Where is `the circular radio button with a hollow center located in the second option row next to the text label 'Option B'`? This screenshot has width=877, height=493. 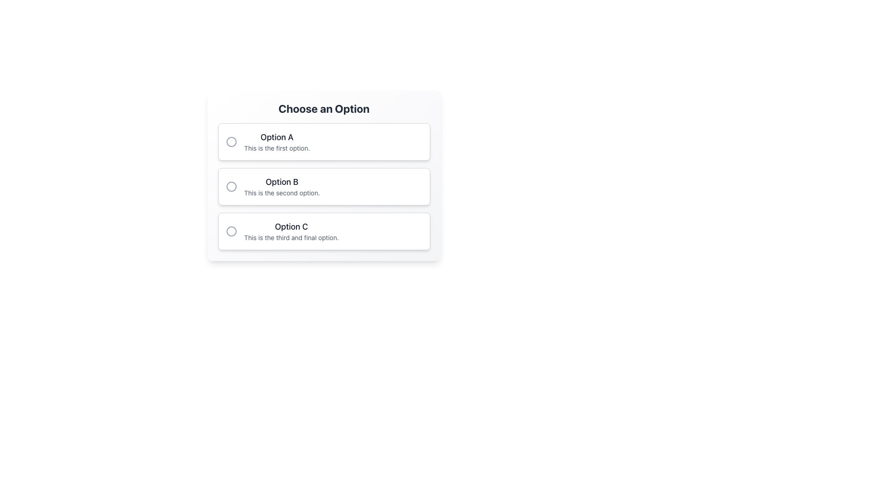 the circular radio button with a hollow center located in the second option row next to the text label 'Option B' is located at coordinates (231, 186).